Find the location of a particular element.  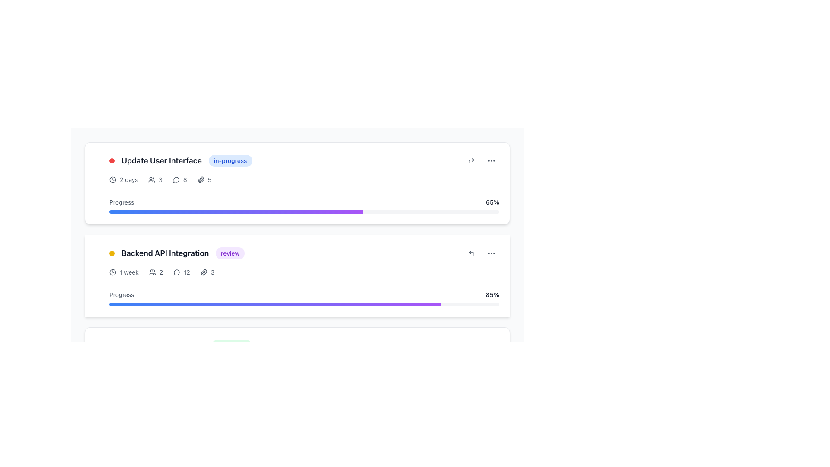

the arrow icon button located in the top-right corner of the 'Backend API Integration' card to initiate the related action is located at coordinates (471, 253).